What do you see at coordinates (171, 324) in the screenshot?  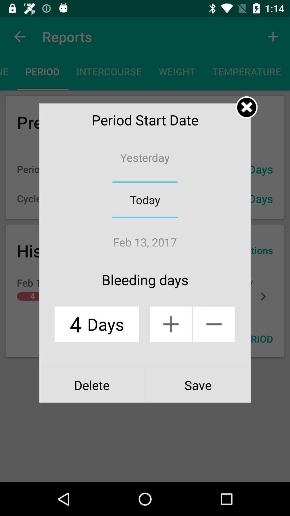 I see `one day` at bounding box center [171, 324].